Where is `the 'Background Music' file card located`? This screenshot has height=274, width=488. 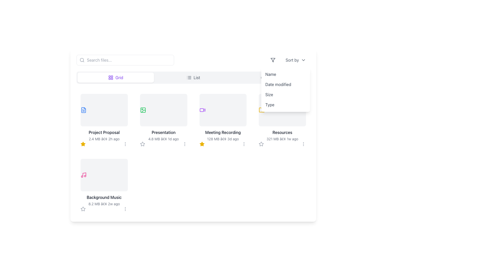
the 'Background Music' file card located is located at coordinates (104, 183).